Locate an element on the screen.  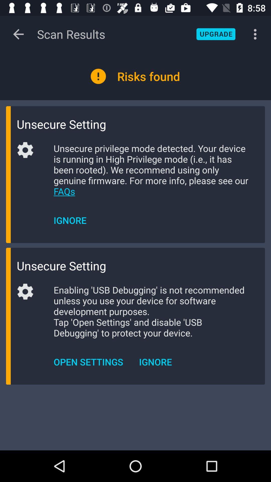
the top corner is located at coordinates (216, 34).